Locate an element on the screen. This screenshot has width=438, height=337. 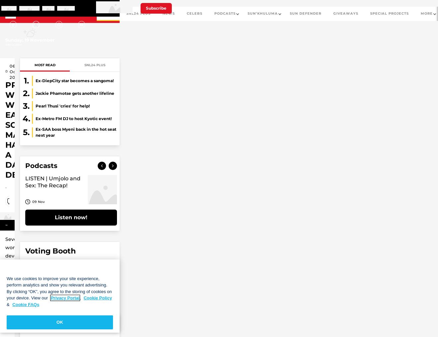
'Voting Booth' is located at coordinates (50, 251).